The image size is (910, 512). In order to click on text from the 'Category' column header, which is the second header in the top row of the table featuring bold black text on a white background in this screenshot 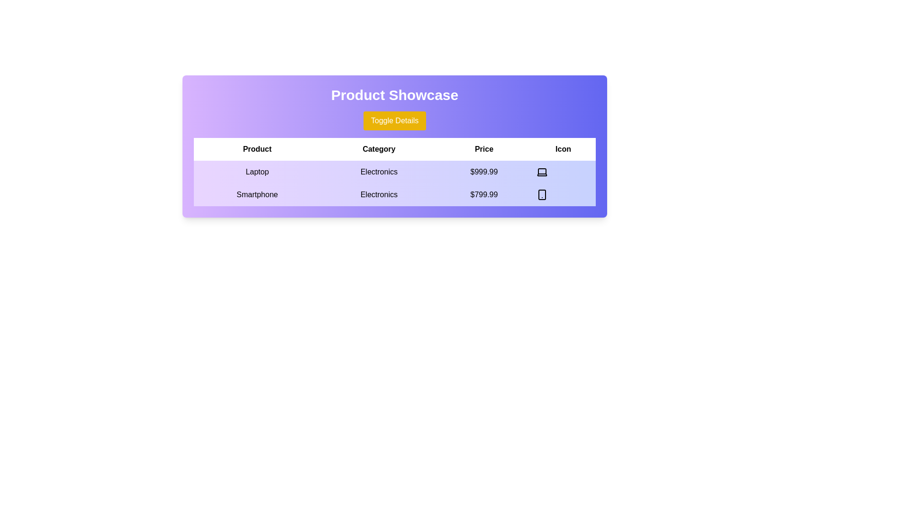, I will do `click(395, 149)`.